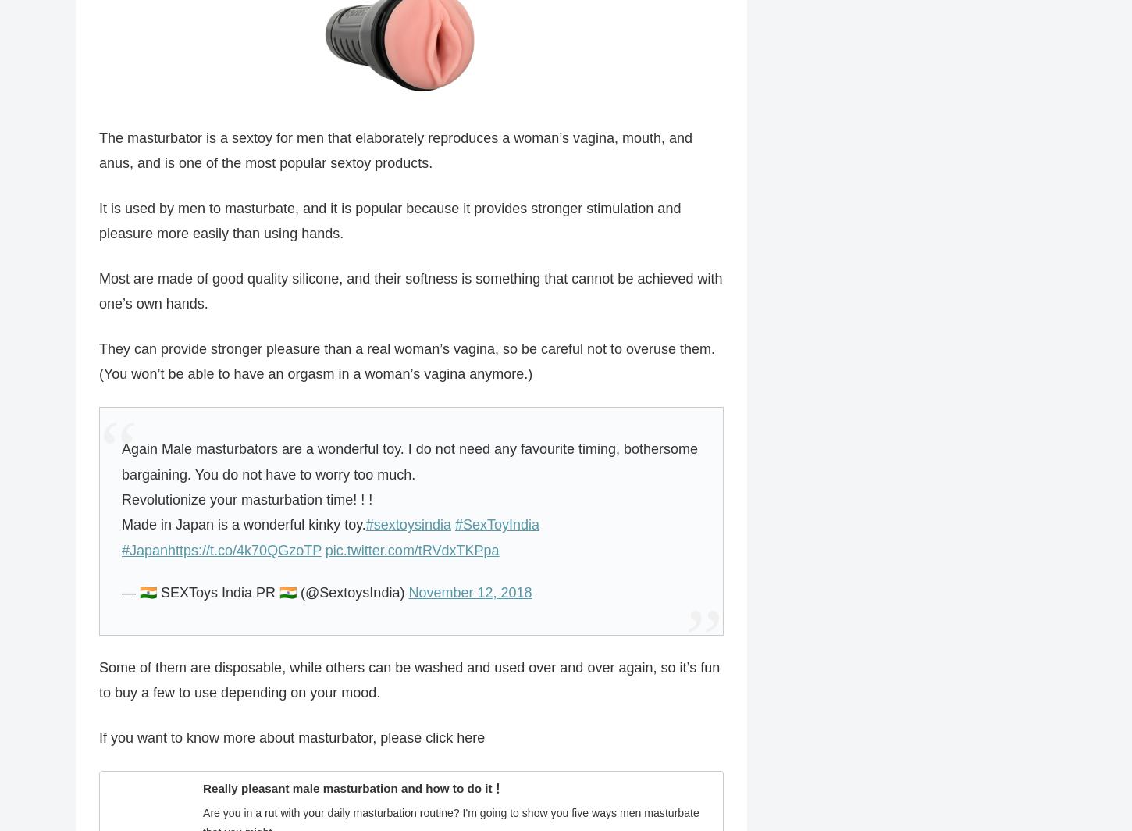 Image resolution: width=1132 pixels, height=831 pixels. What do you see at coordinates (265, 592) in the screenshot?
I see `'— 🇮🇳 SEXToys India PR 🇮🇳 (@SextoysIndia)'` at bounding box center [265, 592].